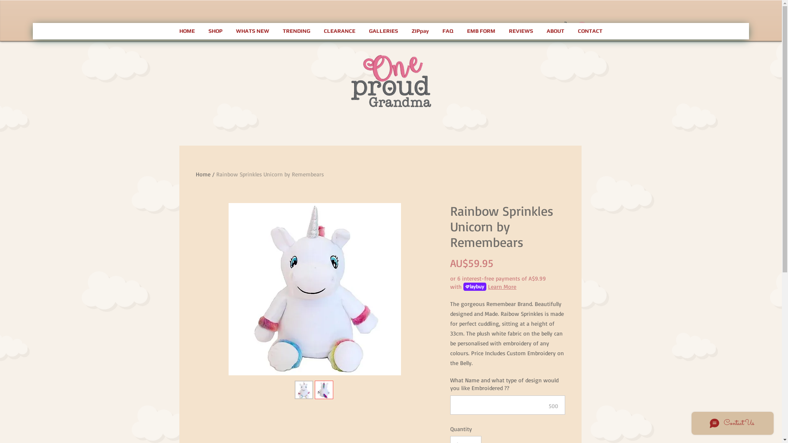  Describe the element at coordinates (481, 31) in the screenshot. I see `'EMB FORM'` at that location.